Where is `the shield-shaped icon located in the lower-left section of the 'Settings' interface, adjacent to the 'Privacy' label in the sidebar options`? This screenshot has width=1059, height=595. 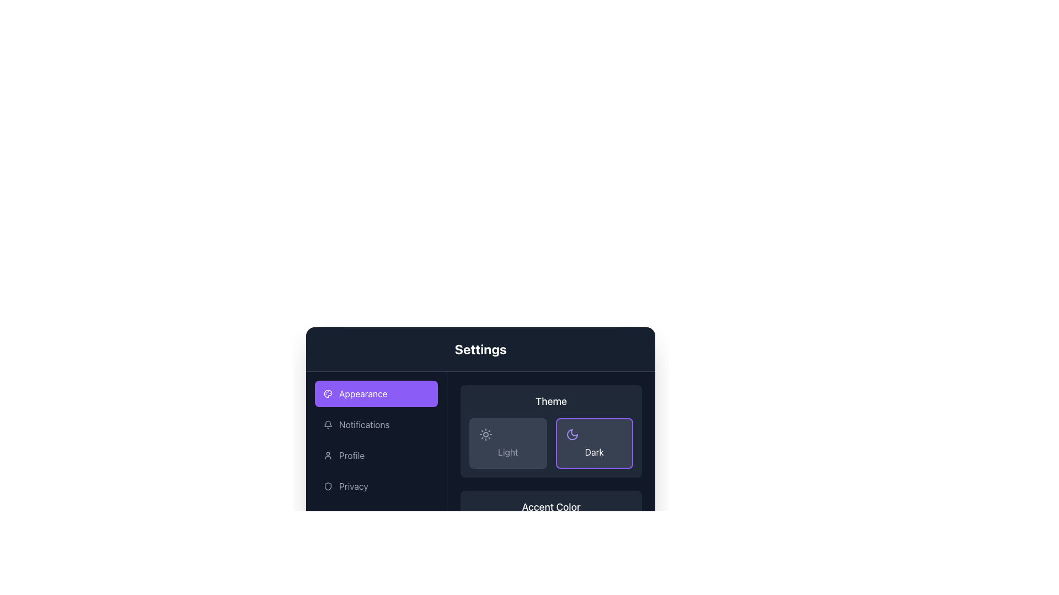
the shield-shaped icon located in the lower-left section of the 'Settings' interface, adjacent to the 'Privacy' label in the sidebar options is located at coordinates (328, 486).